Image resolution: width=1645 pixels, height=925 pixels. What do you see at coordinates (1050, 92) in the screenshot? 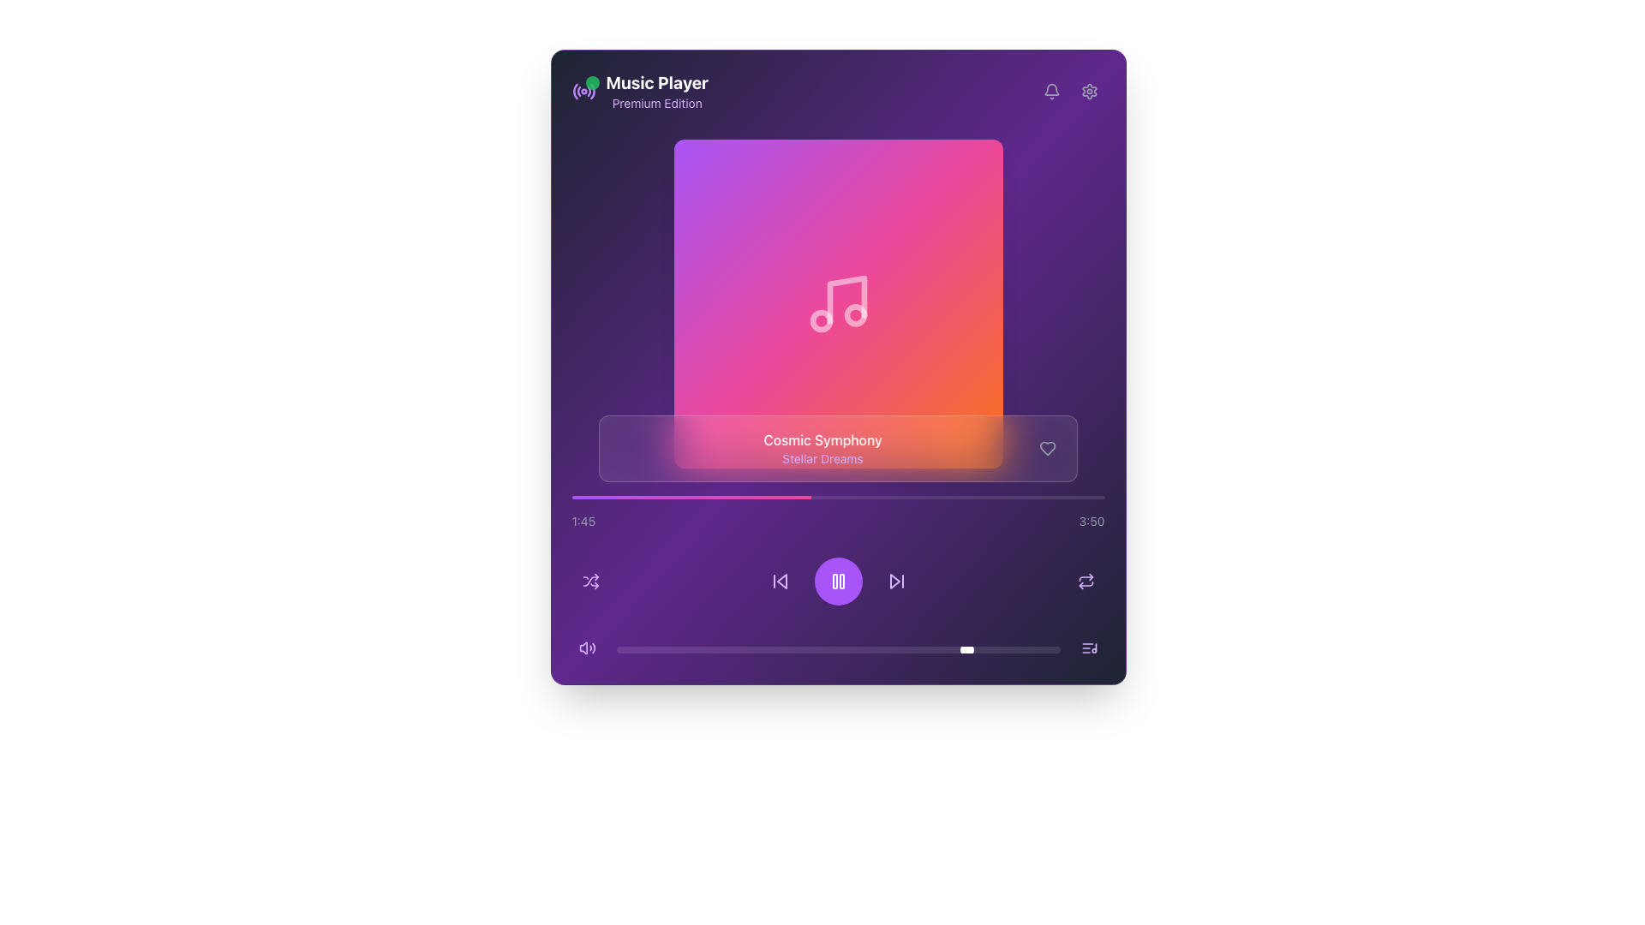
I see `the bell icon located in the top-right corner of the music player interface` at bounding box center [1050, 92].